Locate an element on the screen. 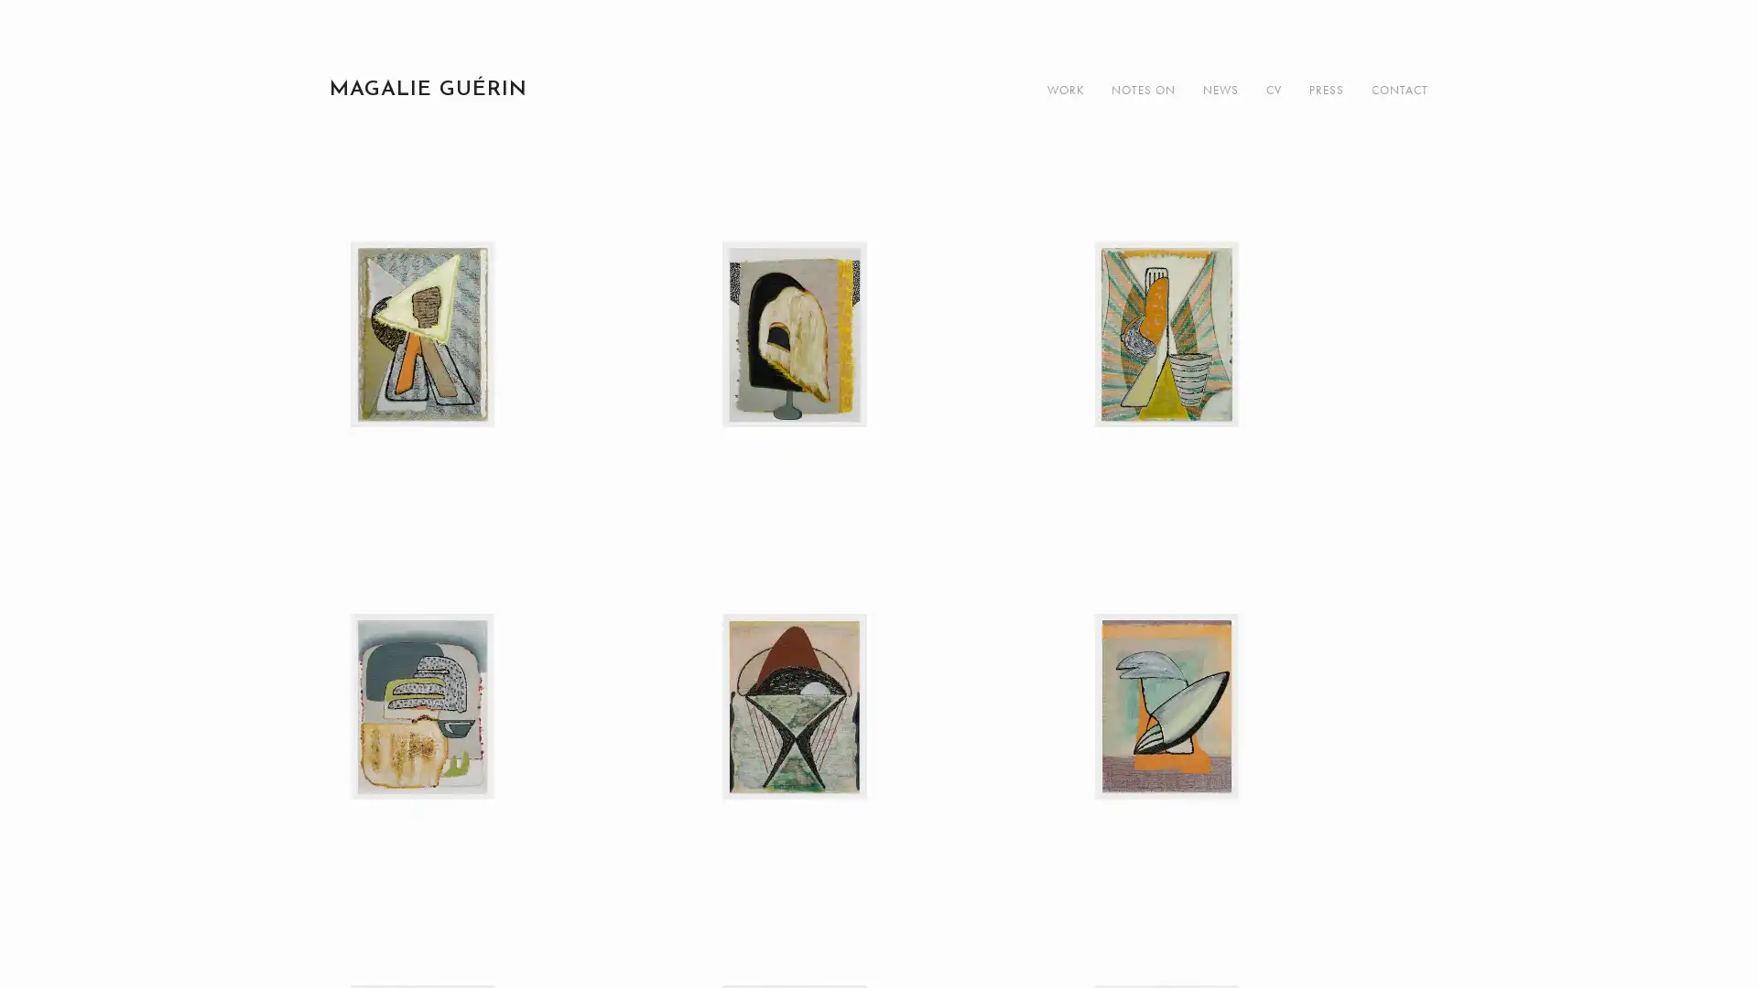 This screenshot has width=1758, height=988. View fullsize Untitled (quarantine painting 06), 2020 is located at coordinates (1250, 789).